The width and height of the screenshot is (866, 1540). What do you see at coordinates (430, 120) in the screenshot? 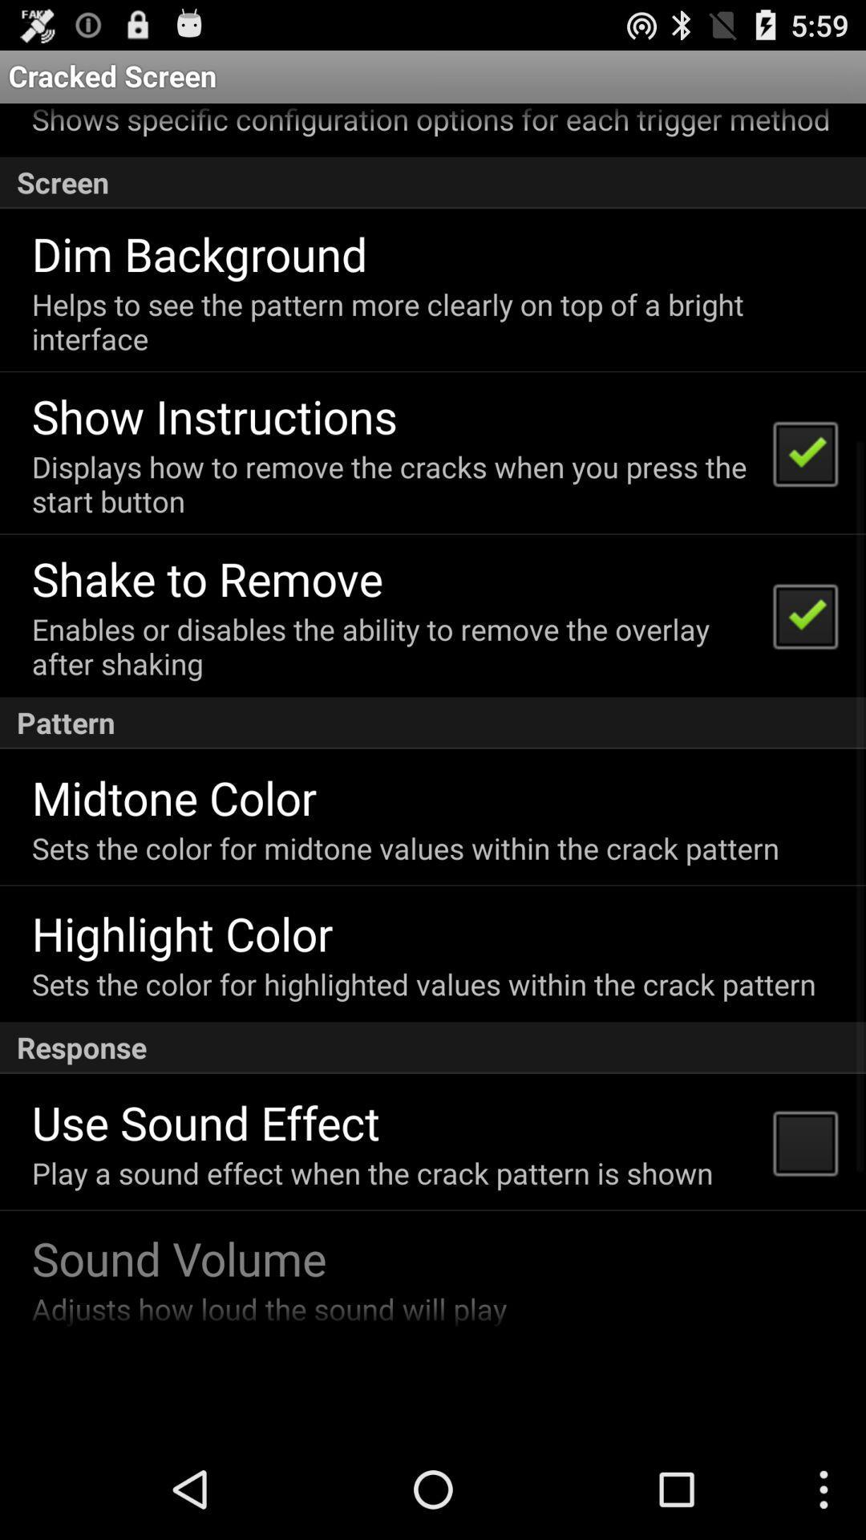
I see `the icon below cracked screen` at bounding box center [430, 120].